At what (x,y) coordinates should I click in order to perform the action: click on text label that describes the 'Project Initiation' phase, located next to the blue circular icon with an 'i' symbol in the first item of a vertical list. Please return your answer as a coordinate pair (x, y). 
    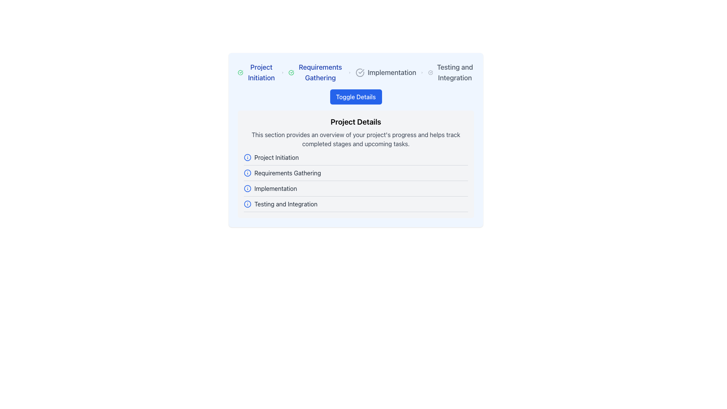
    Looking at the image, I should click on (276, 157).